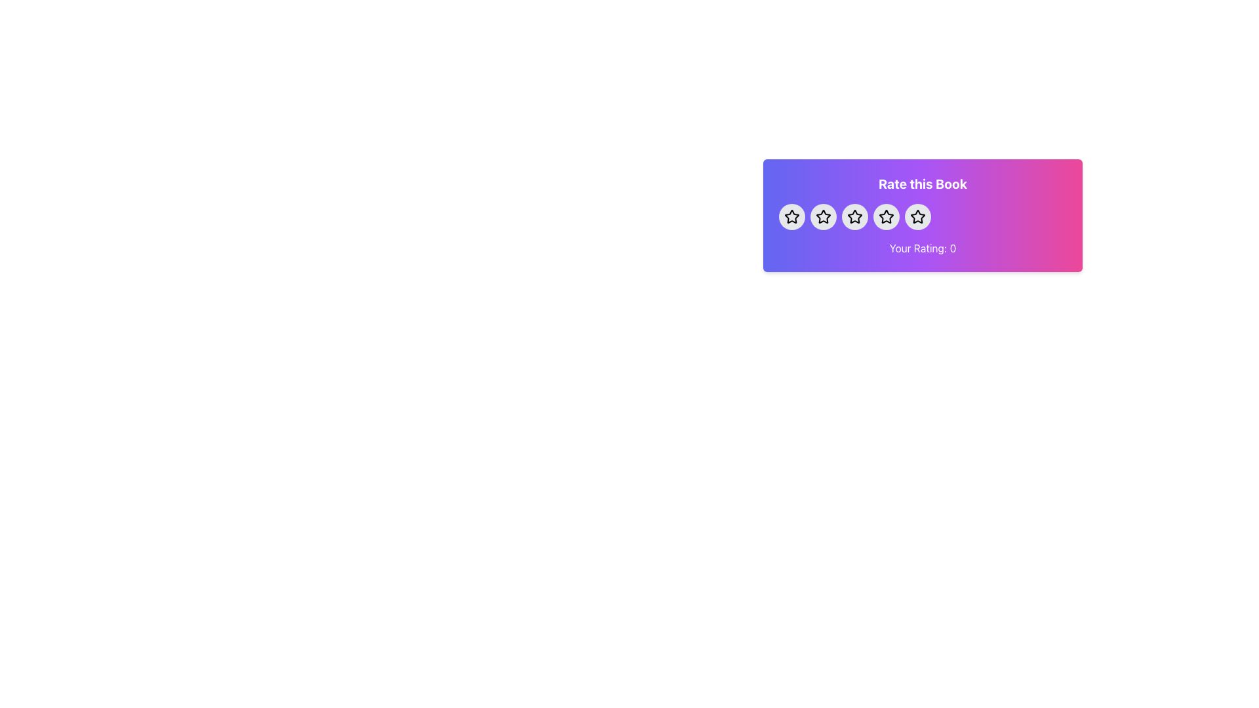 The height and width of the screenshot is (708, 1259). What do you see at coordinates (822, 216) in the screenshot?
I see `the second rating star icon, which is a filled star with a thin border, to assign a rating` at bounding box center [822, 216].